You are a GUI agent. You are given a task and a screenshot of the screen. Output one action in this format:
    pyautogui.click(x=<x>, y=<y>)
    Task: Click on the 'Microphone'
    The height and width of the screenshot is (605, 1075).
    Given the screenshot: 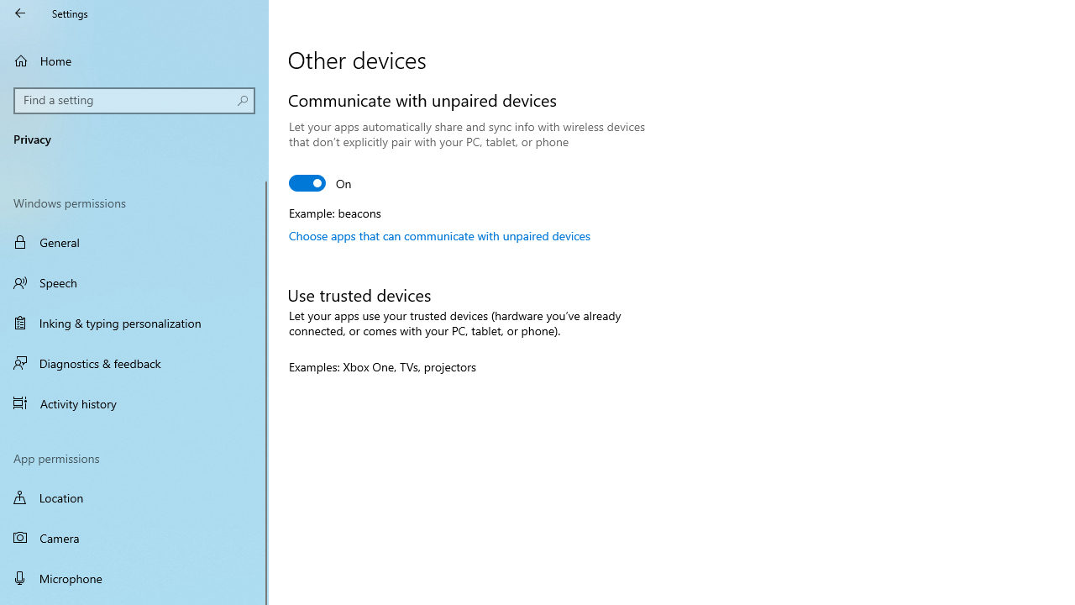 What is the action you would take?
    pyautogui.click(x=134, y=576)
    